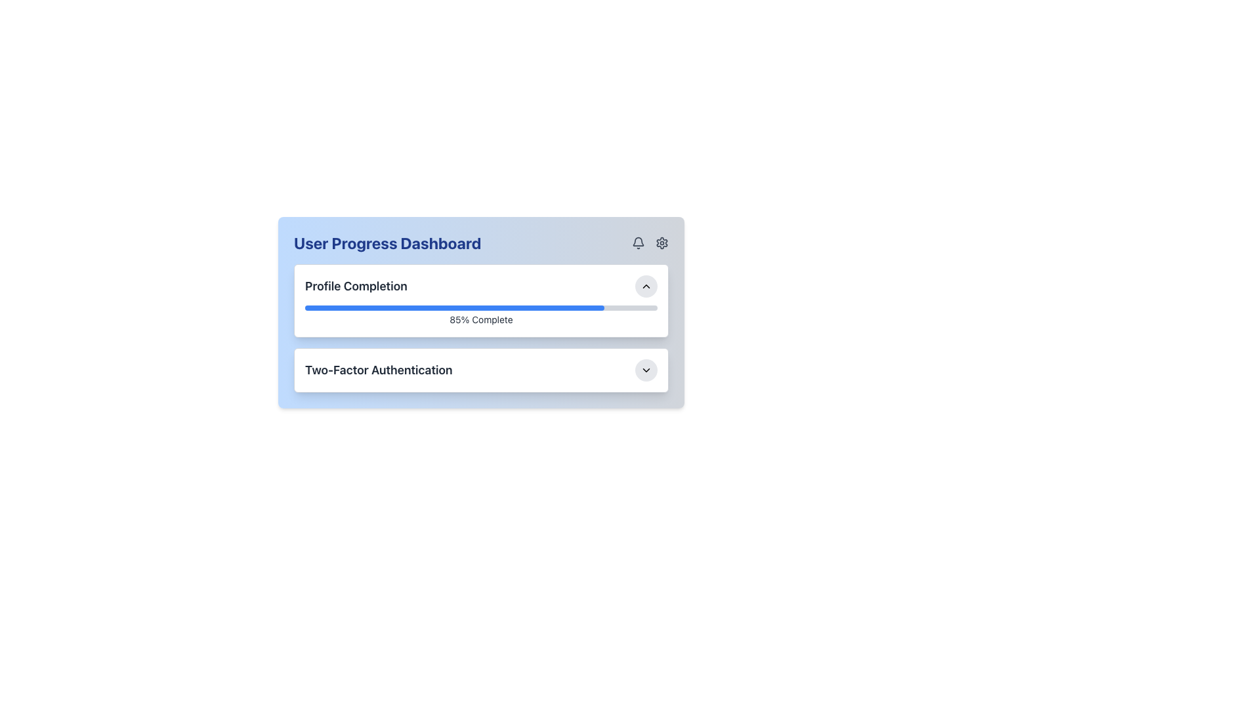  I want to click on the Dropdown Indicator Icon located at the far right end of the 'Two-Factor Authentication' section, so click(646, 370).